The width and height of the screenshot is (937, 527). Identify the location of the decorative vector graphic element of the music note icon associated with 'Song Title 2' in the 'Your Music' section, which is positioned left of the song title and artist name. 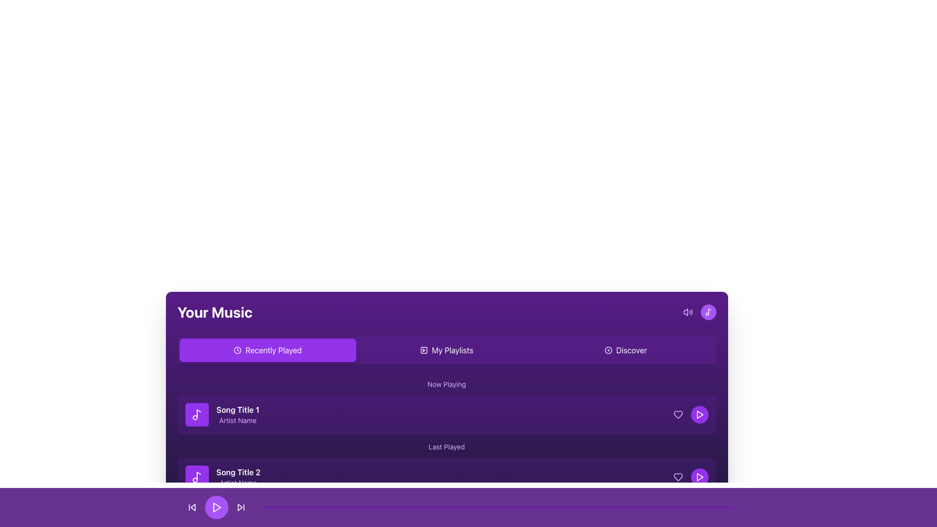
(198, 475).